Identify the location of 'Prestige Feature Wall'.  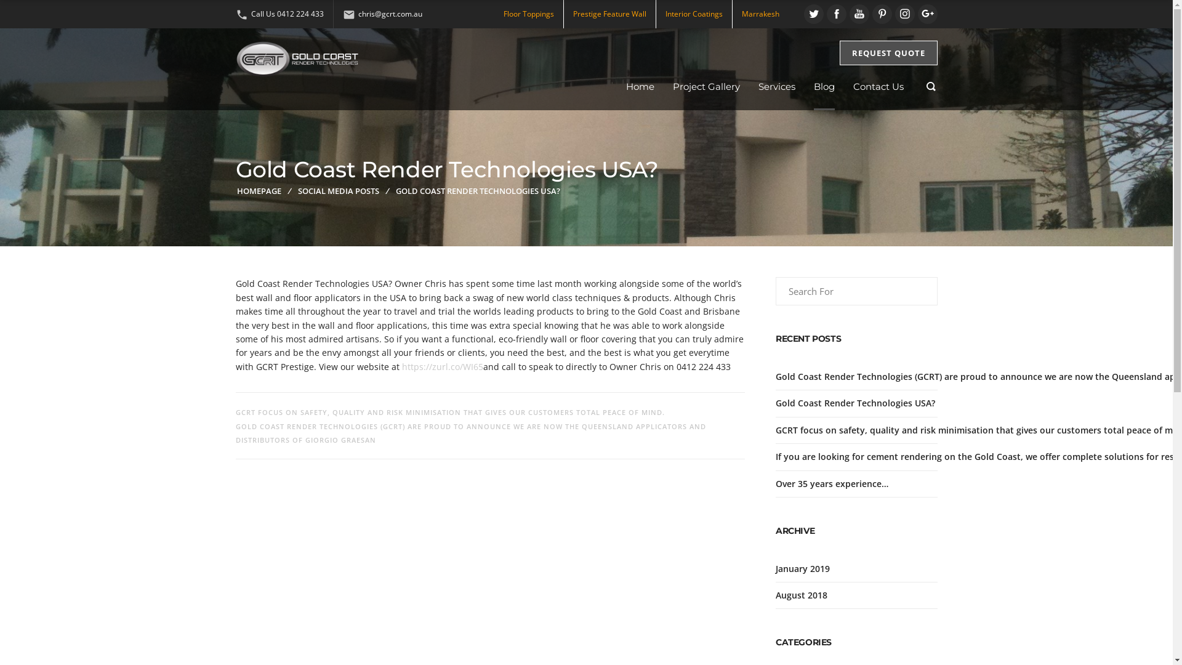
(572, 14).